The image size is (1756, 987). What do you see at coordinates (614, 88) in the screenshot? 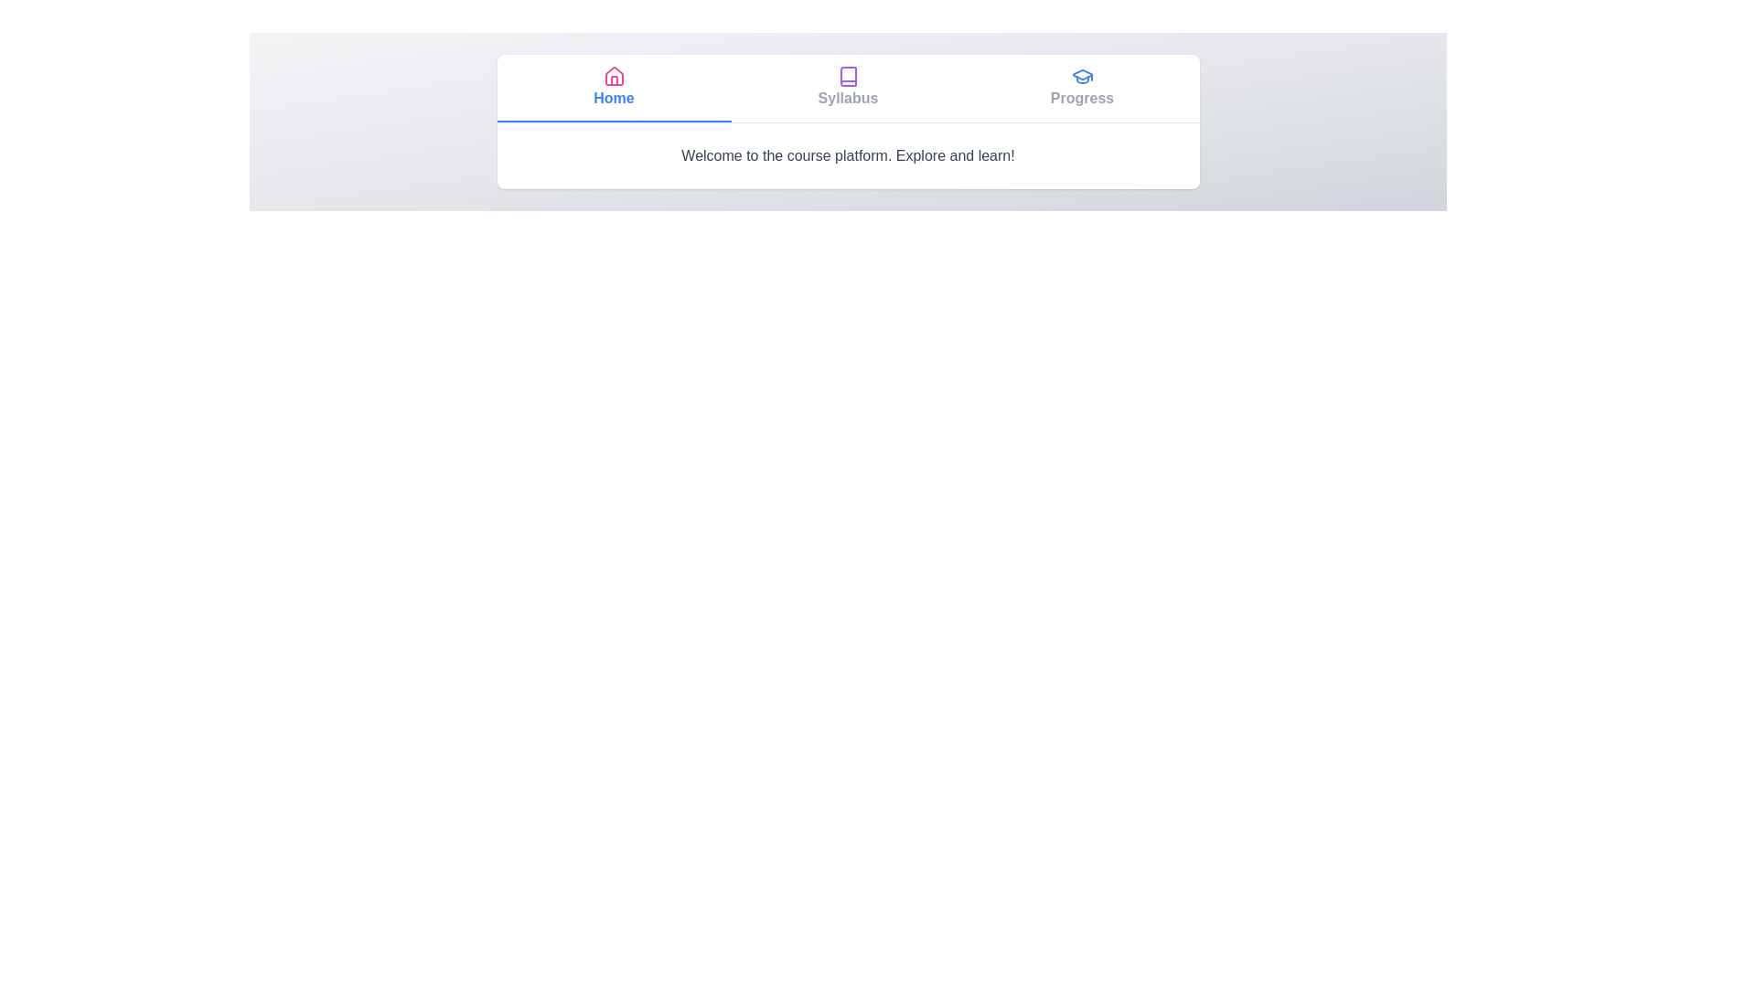
I see `the Home tab by clicking on its button` at bounding box center [614, 88].